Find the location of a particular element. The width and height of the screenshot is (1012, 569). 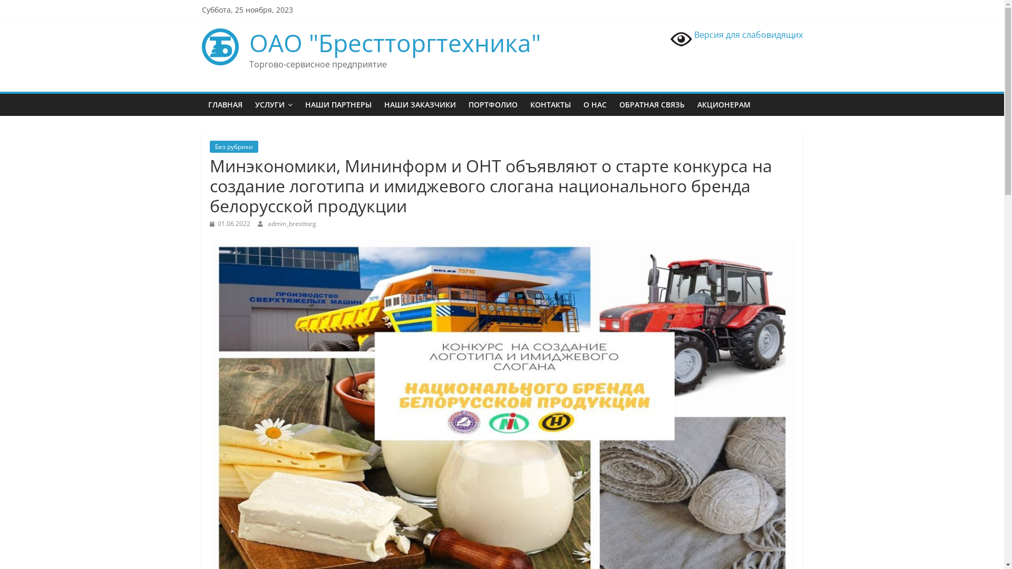

'01.06.2022' is located at coordinates (229, 223).